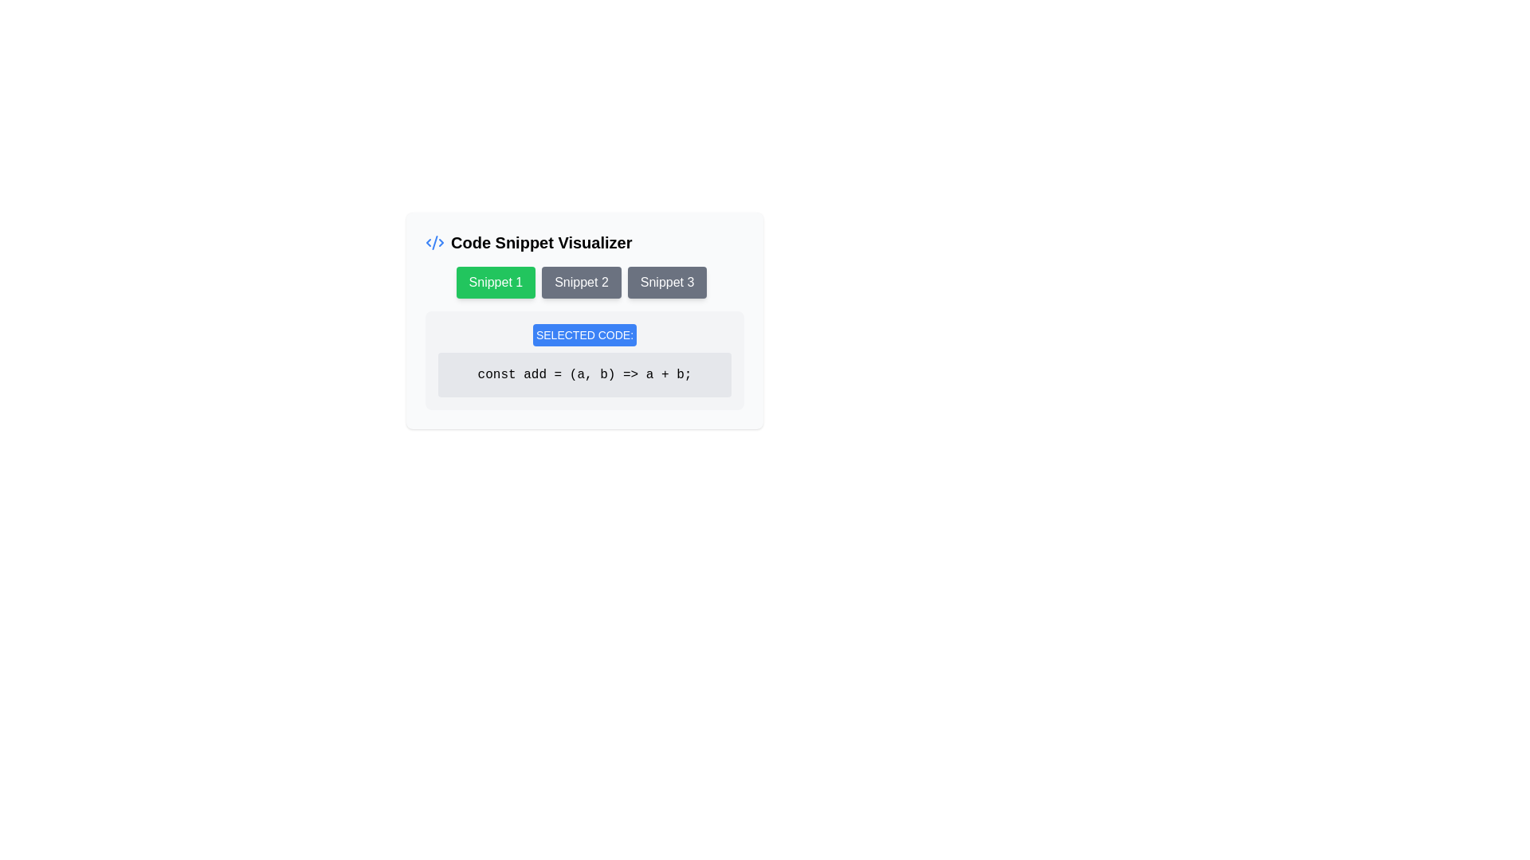  What do you see at coordinates (584, 334) in the screenshot?
I see `the Text Label element displaying 'SELECTED CODE:' with a blue background and white text, located at the top left of the content area above the code snippet` at bounding box center [584, 334].